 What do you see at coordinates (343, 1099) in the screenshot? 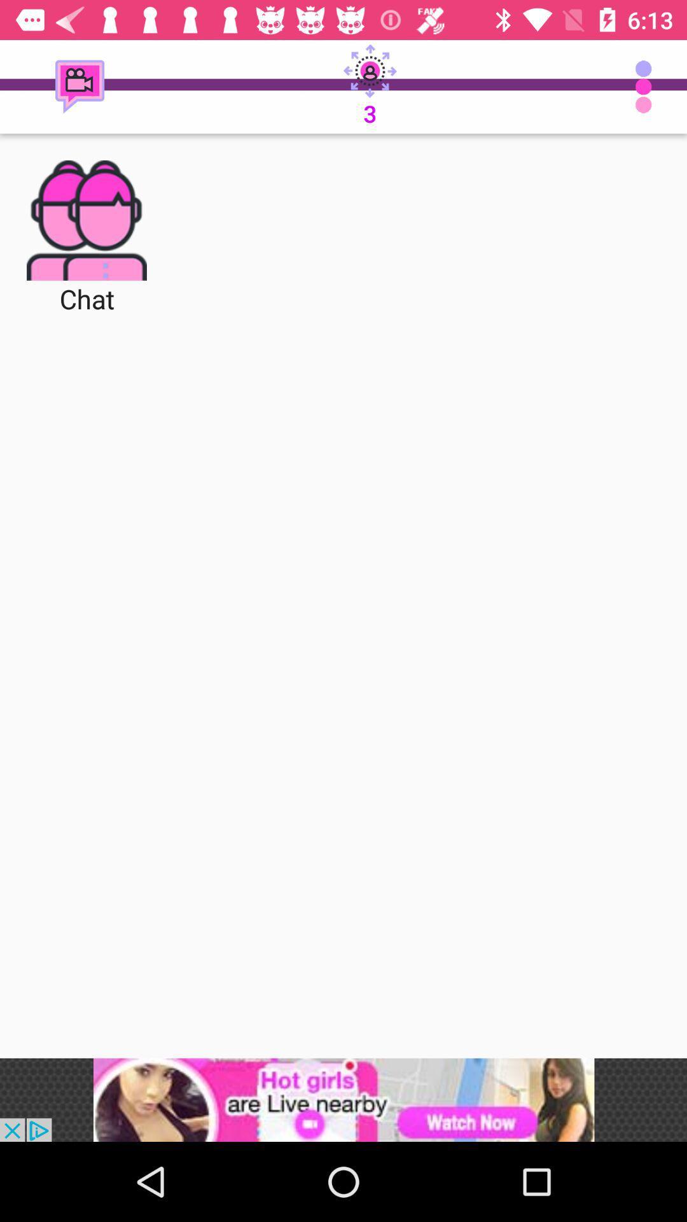
I see `advertisement` at bounding box center [343, 1099].